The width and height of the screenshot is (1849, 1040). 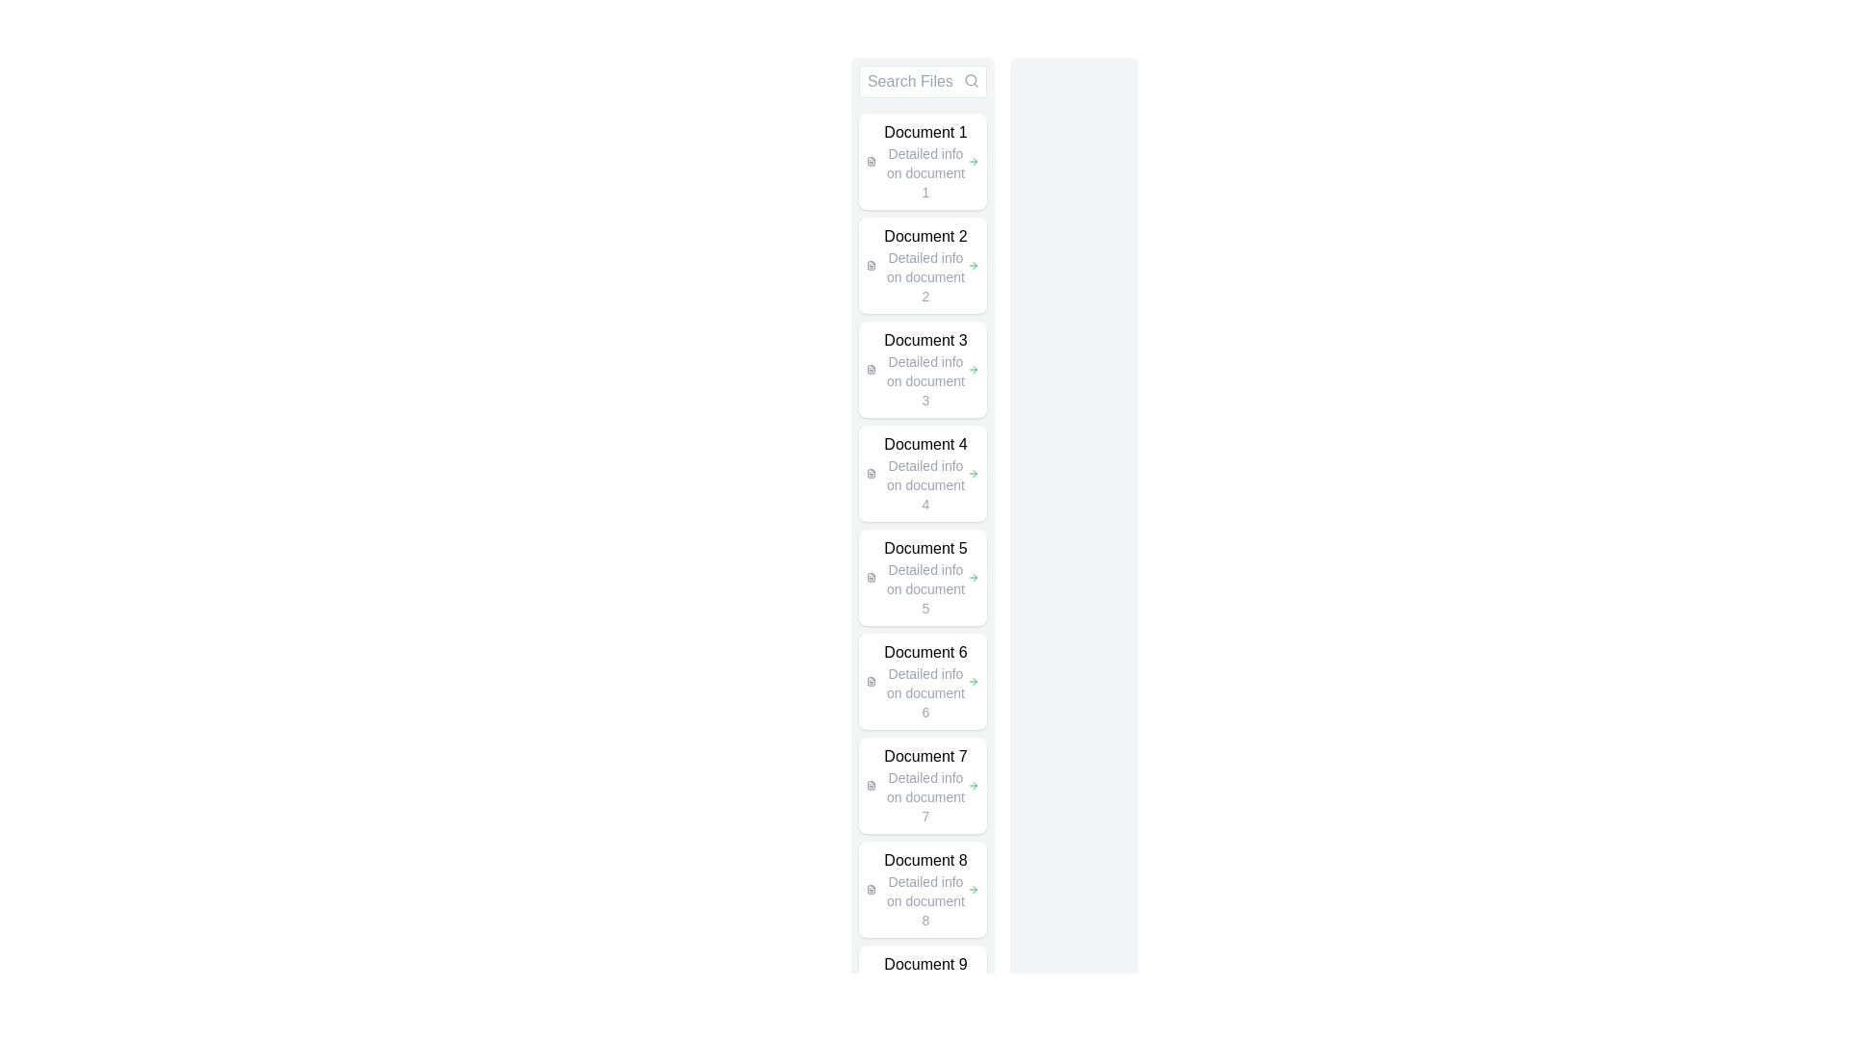 I want to click on the document icon located to the left of the 'Document 6' list item, so click(x=869, y=681).